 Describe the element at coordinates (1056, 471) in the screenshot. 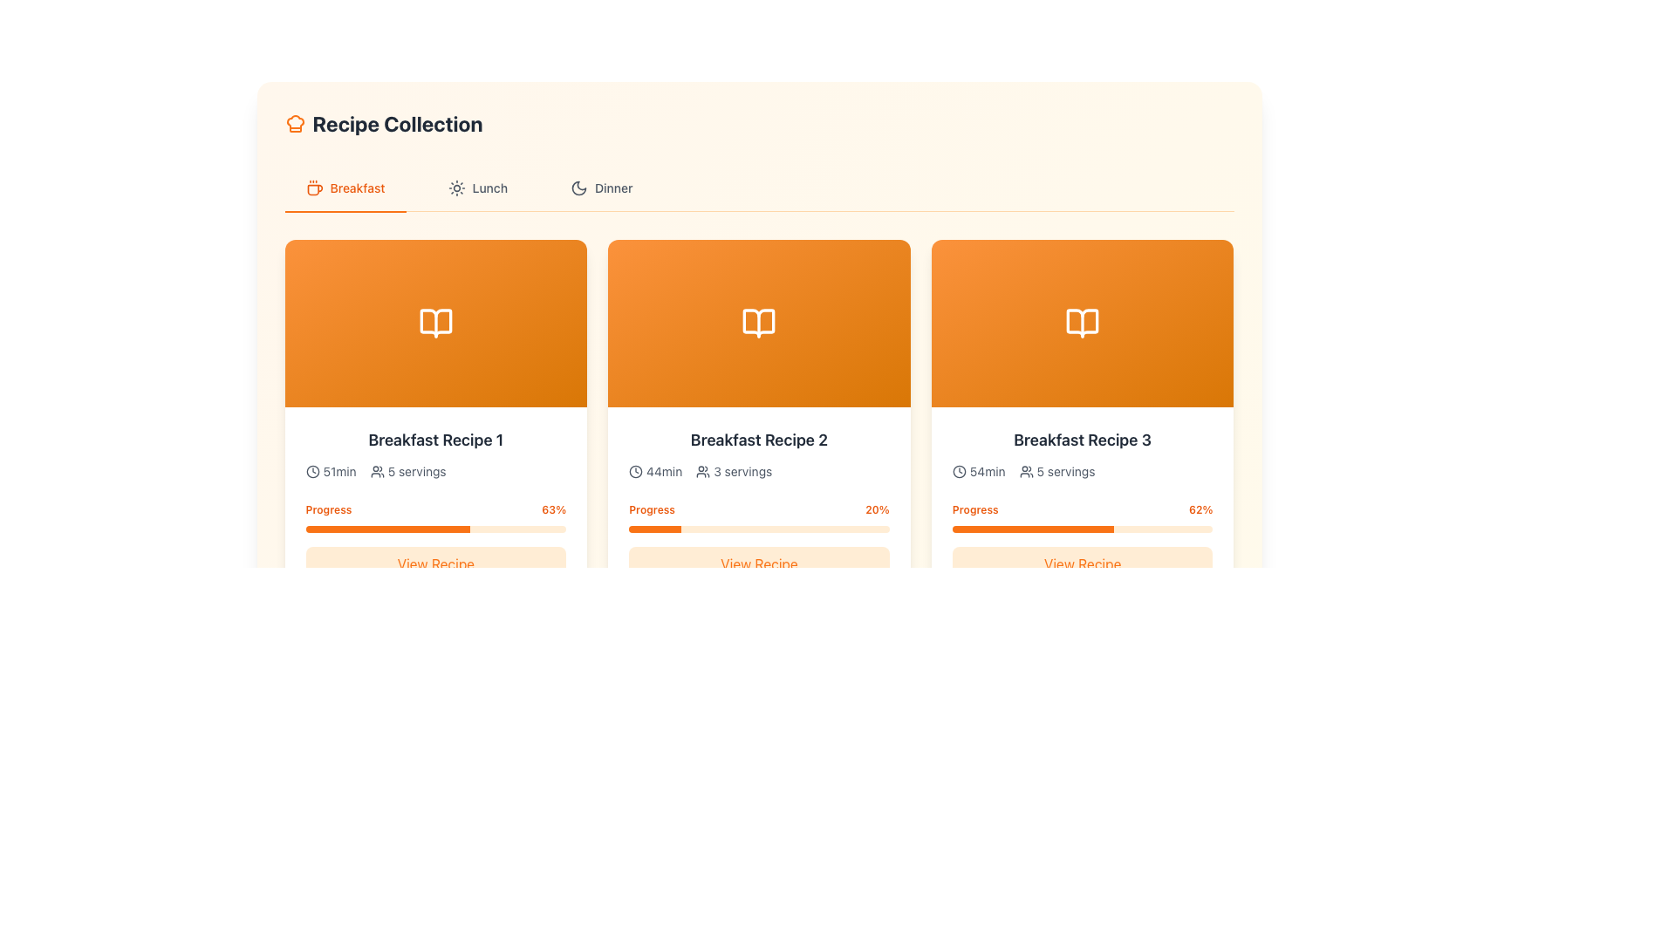

I see `the text label displaying '5 servings' alongside the user icon, located in the details section at the bottom of the card for 'Breakfast Recipe 3'` at that location.